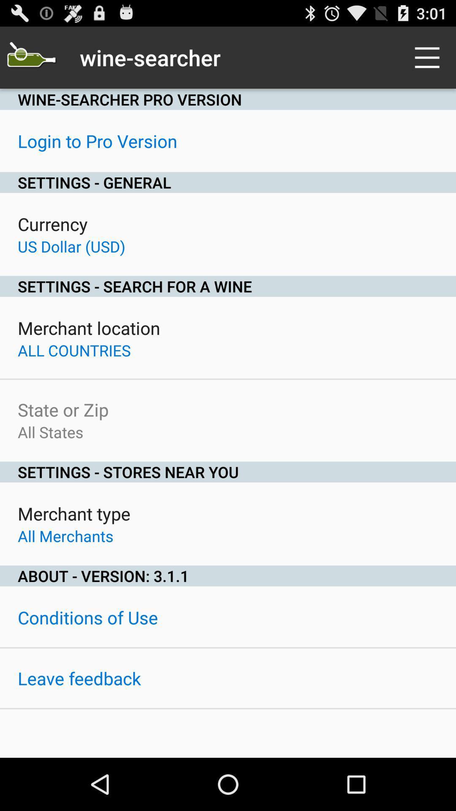  Describe the element at coordinates (52, 224) in the screenshot. I see `the currency item` at that location.